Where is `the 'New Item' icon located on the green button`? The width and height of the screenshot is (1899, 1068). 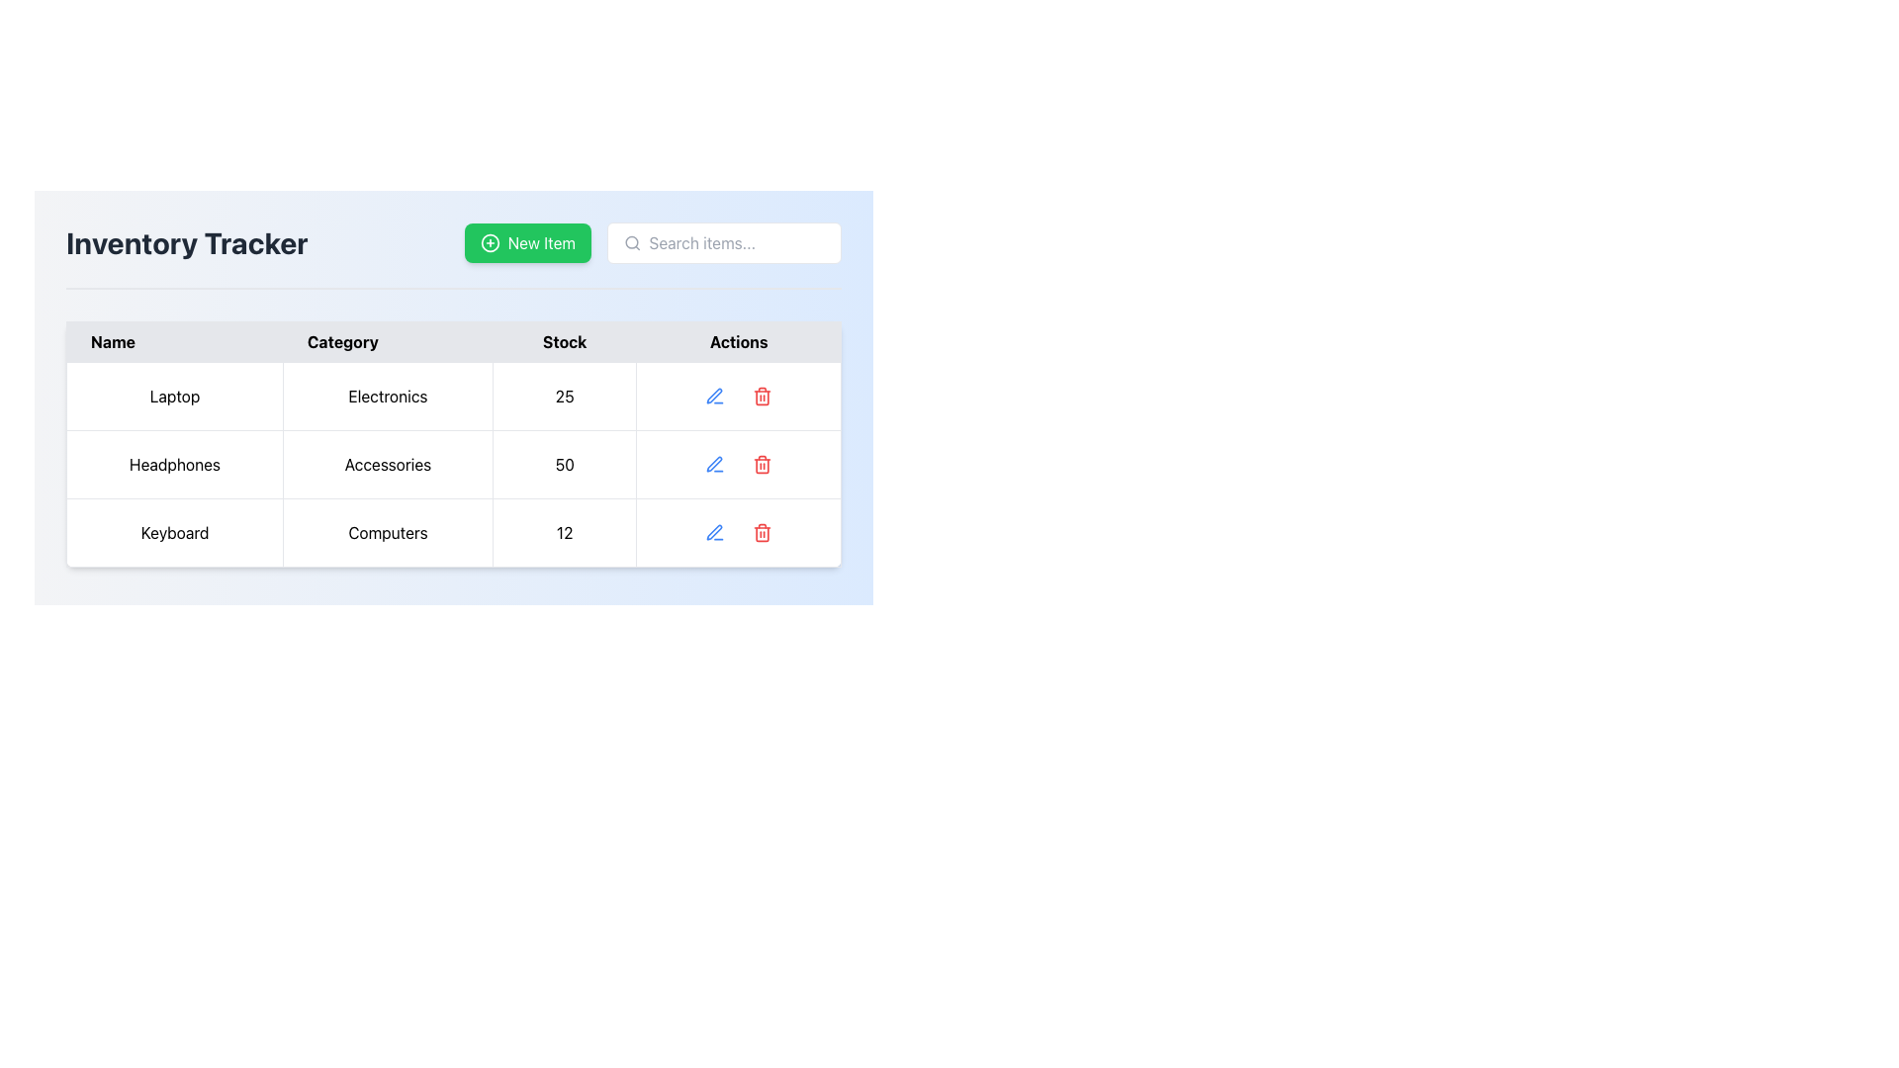 the 'New Item' icon located on the green button is located at coordinates (490, 242).